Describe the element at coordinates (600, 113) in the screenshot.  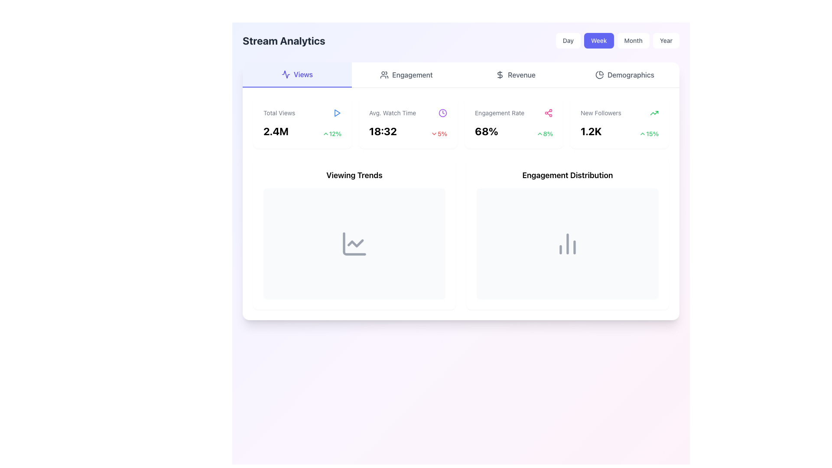
I see `the 'New Followers' text label, which is styled with a gray font and is located above the numeric follower count and an upward trend icon on the dashboard` at that location.